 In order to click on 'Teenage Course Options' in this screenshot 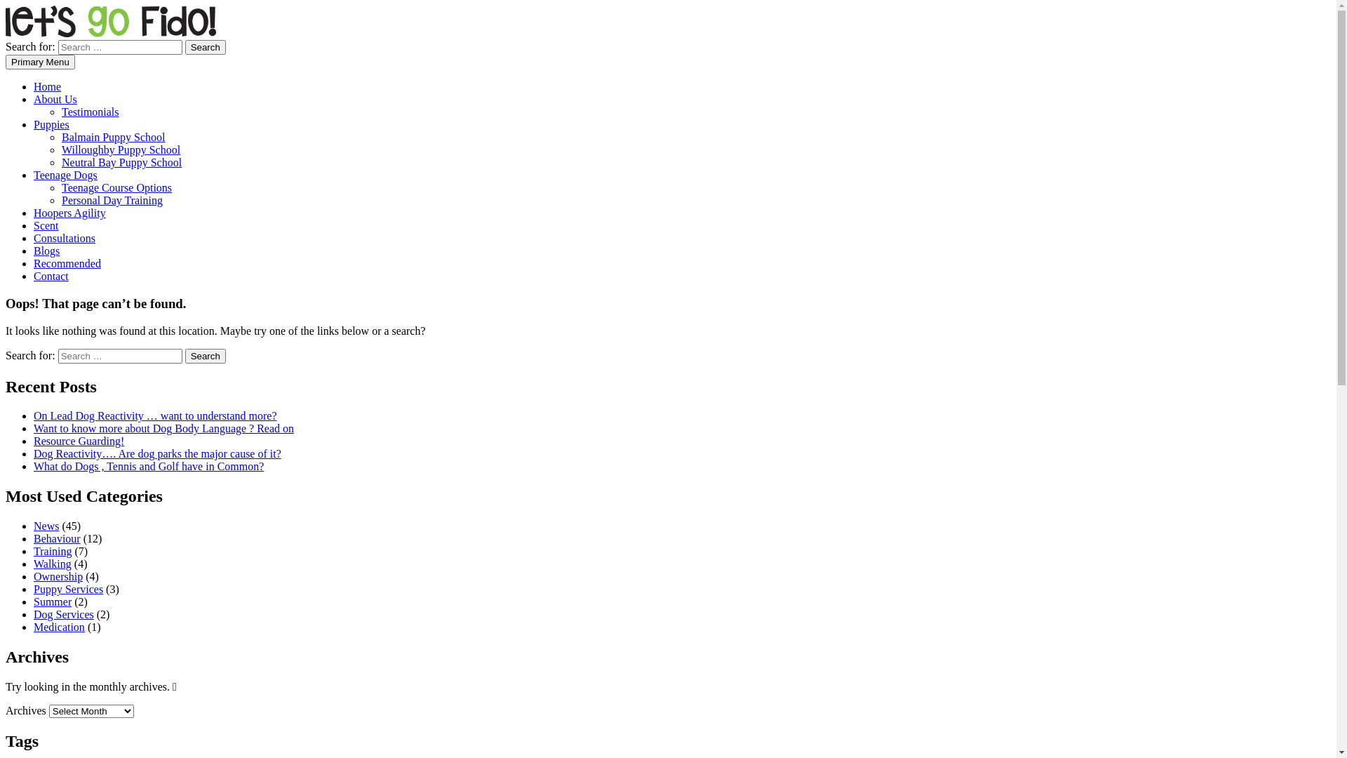, I will do `click(116, 187)`.